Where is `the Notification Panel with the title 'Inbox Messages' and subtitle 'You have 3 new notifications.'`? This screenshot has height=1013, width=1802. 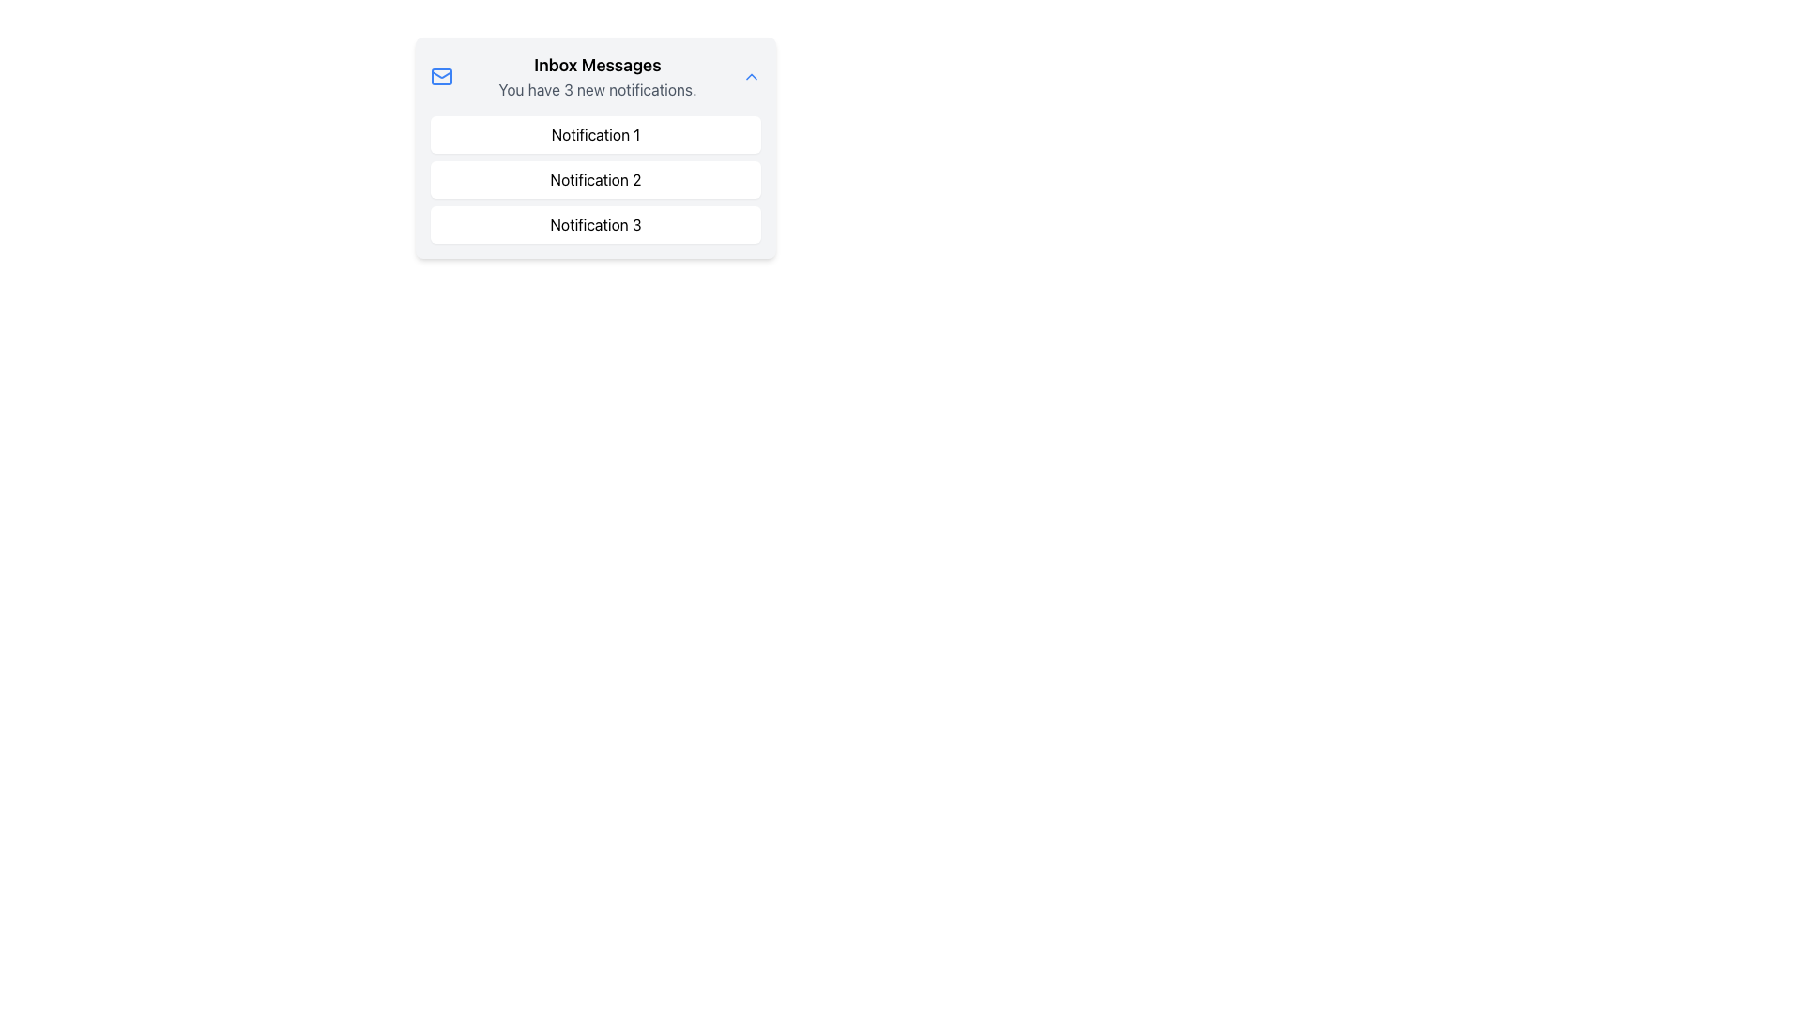
the Notification Panel with the title 'Inbox Messages' and subtitle 'You have 3 new notifications.' is located at coordinates (594, 147).